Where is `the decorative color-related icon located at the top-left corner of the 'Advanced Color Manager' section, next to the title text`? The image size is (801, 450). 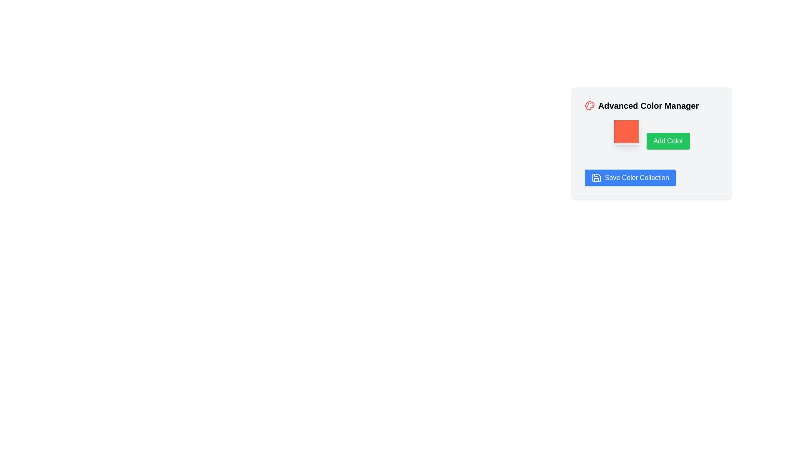 the decorative color-related icon located at the top-left corner of the 'Advanced Color Manager' section, next to the title text is located at coordinates (589, 105).